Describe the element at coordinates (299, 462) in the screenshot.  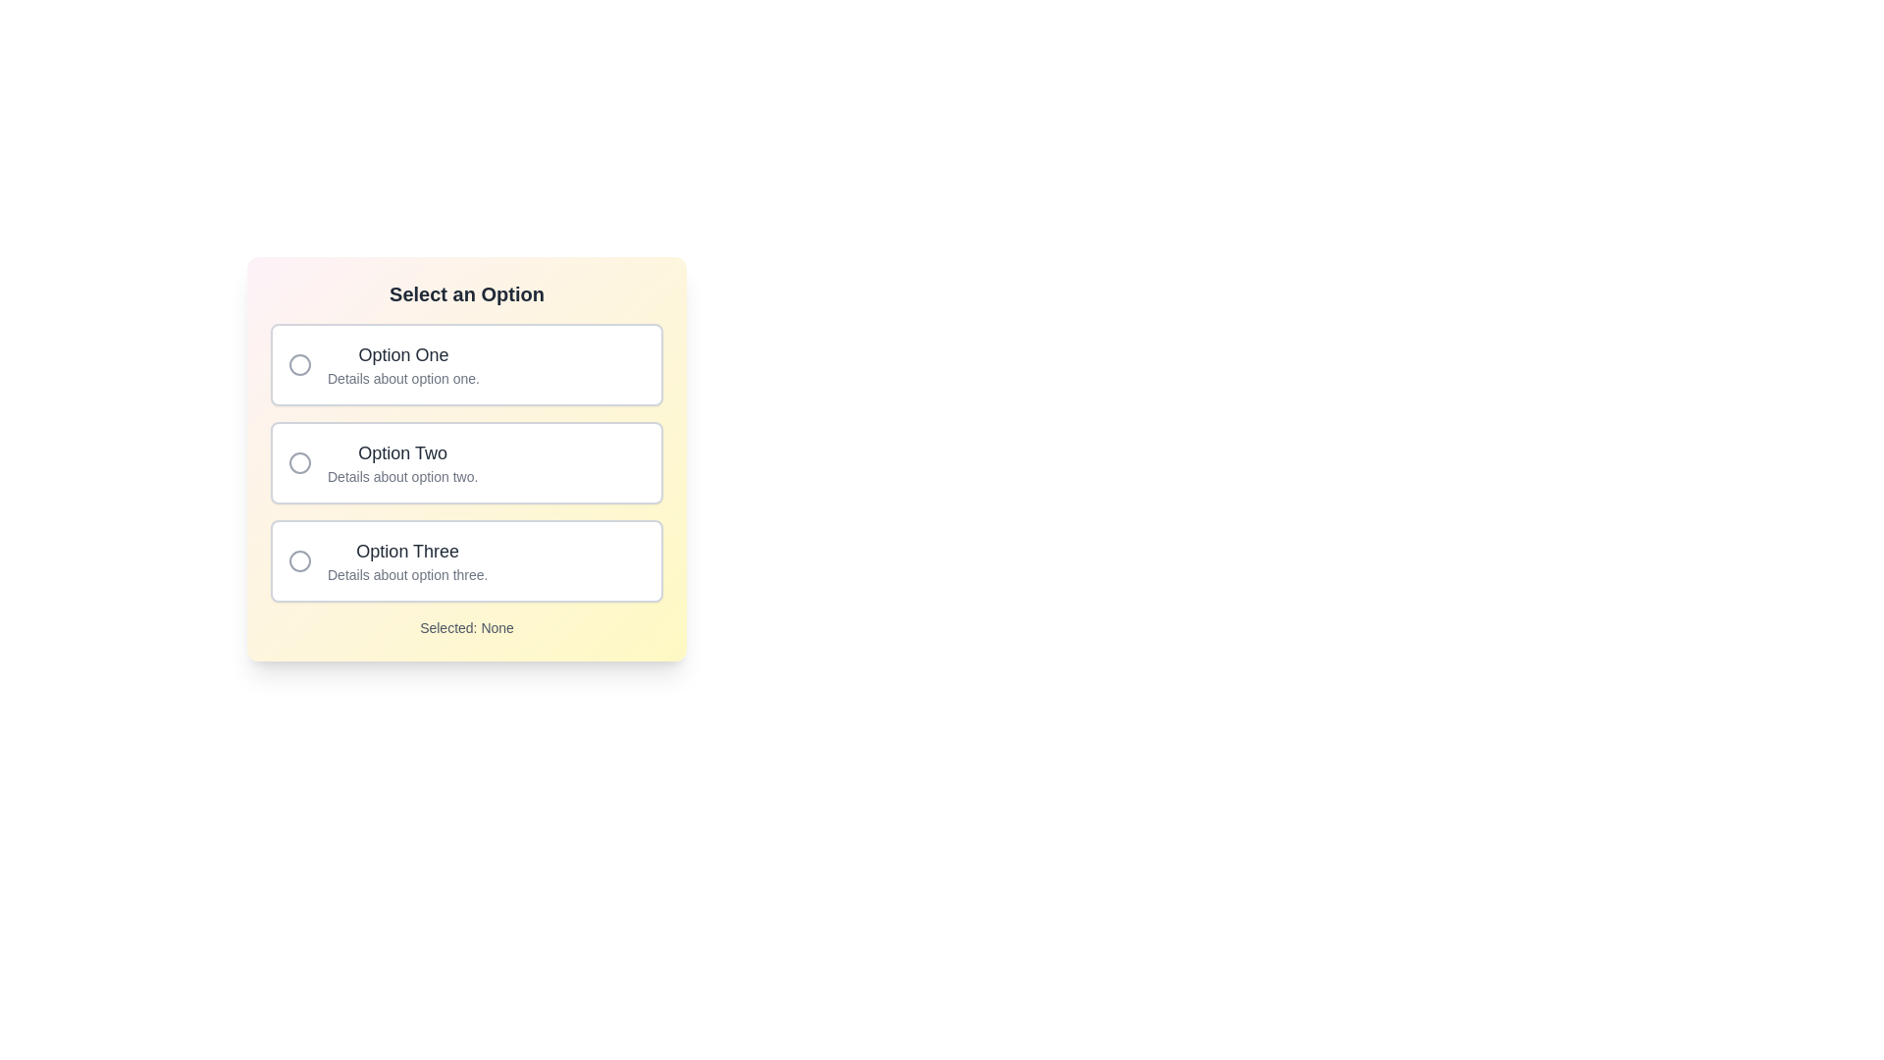
I see `the circular component of the 'Option Two' selection indicator` at that location.